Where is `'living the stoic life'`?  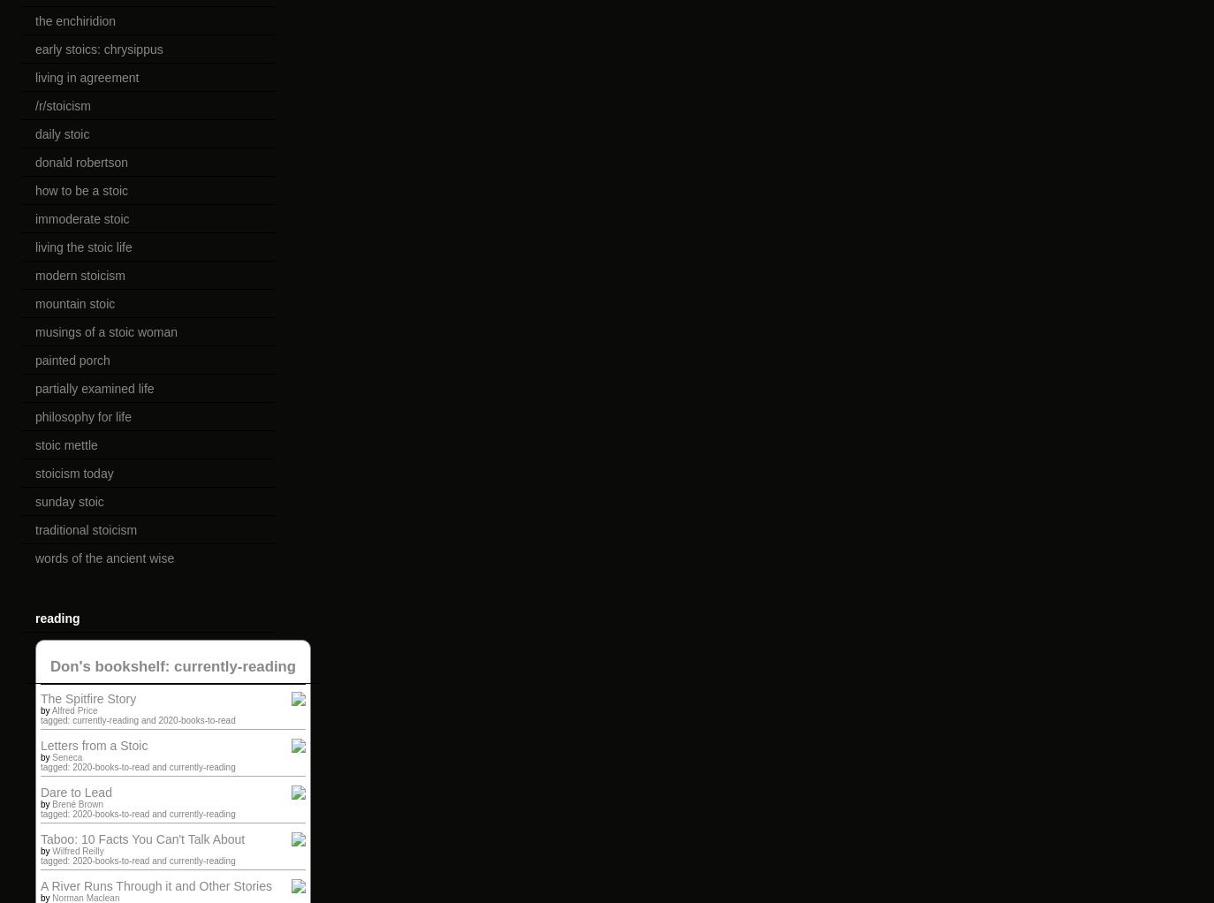 'living the stoic life' is located at coordinates (82, 247).